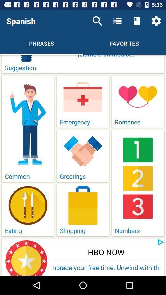  I want to click on item above the llame a un icon, so click(156, 21).